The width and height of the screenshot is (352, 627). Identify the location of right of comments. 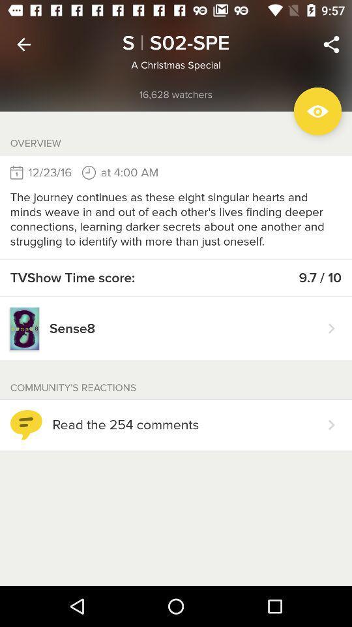
(331, 424).